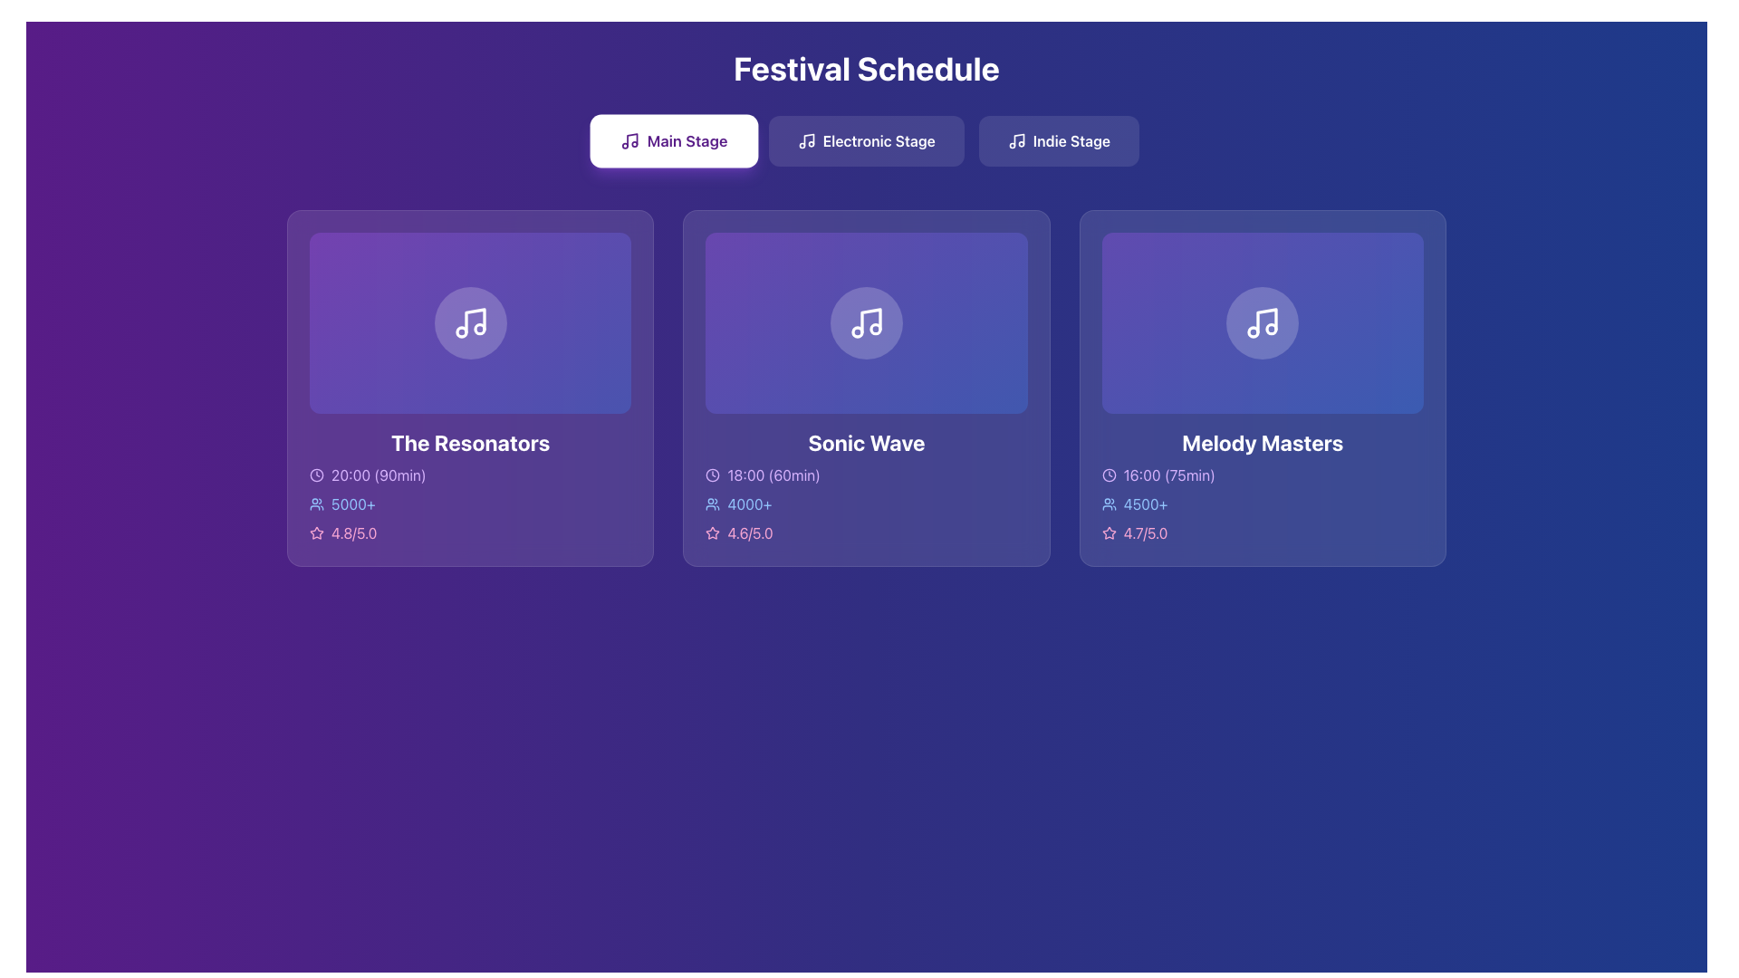 The width and height of the screenshot is (1739, 978). What do you see at coordinates (865, 139) in the screenshot?
I see `the 'Electronic Stage' button, which is a rectangular button with rounded corners and a gradient background, positioned below the 'Festival Schedule' heading and above the performances section` at bounding box center [865, 139].